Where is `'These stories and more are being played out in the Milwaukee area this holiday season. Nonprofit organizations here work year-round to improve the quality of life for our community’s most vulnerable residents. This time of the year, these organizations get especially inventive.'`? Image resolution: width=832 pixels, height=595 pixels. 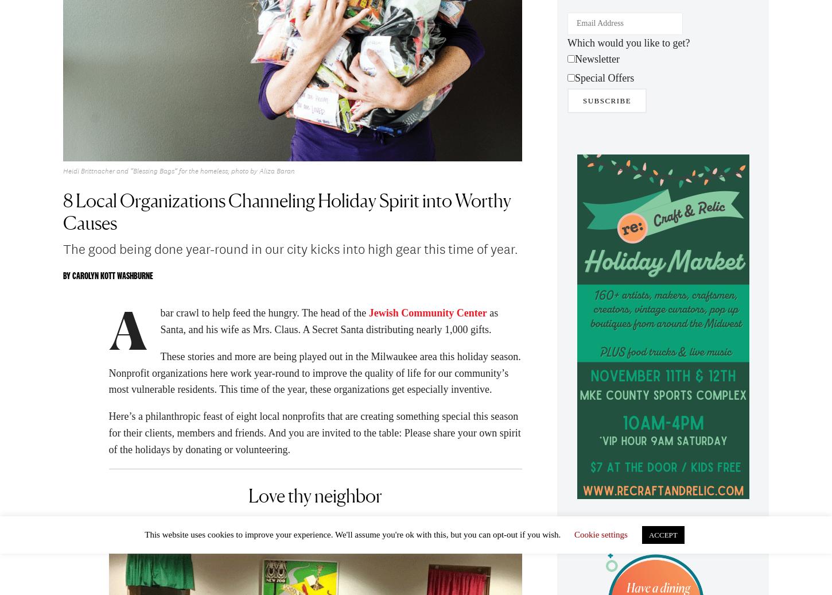 'These stories and more are being played out in the Milwaukee area this holiday season. Nonprofit organizations here work year-round to improve the quality of life for our community’s most vulnerable residents. This time of the year, these organizations get especially inventive.' is located at coordinates (314, 376).